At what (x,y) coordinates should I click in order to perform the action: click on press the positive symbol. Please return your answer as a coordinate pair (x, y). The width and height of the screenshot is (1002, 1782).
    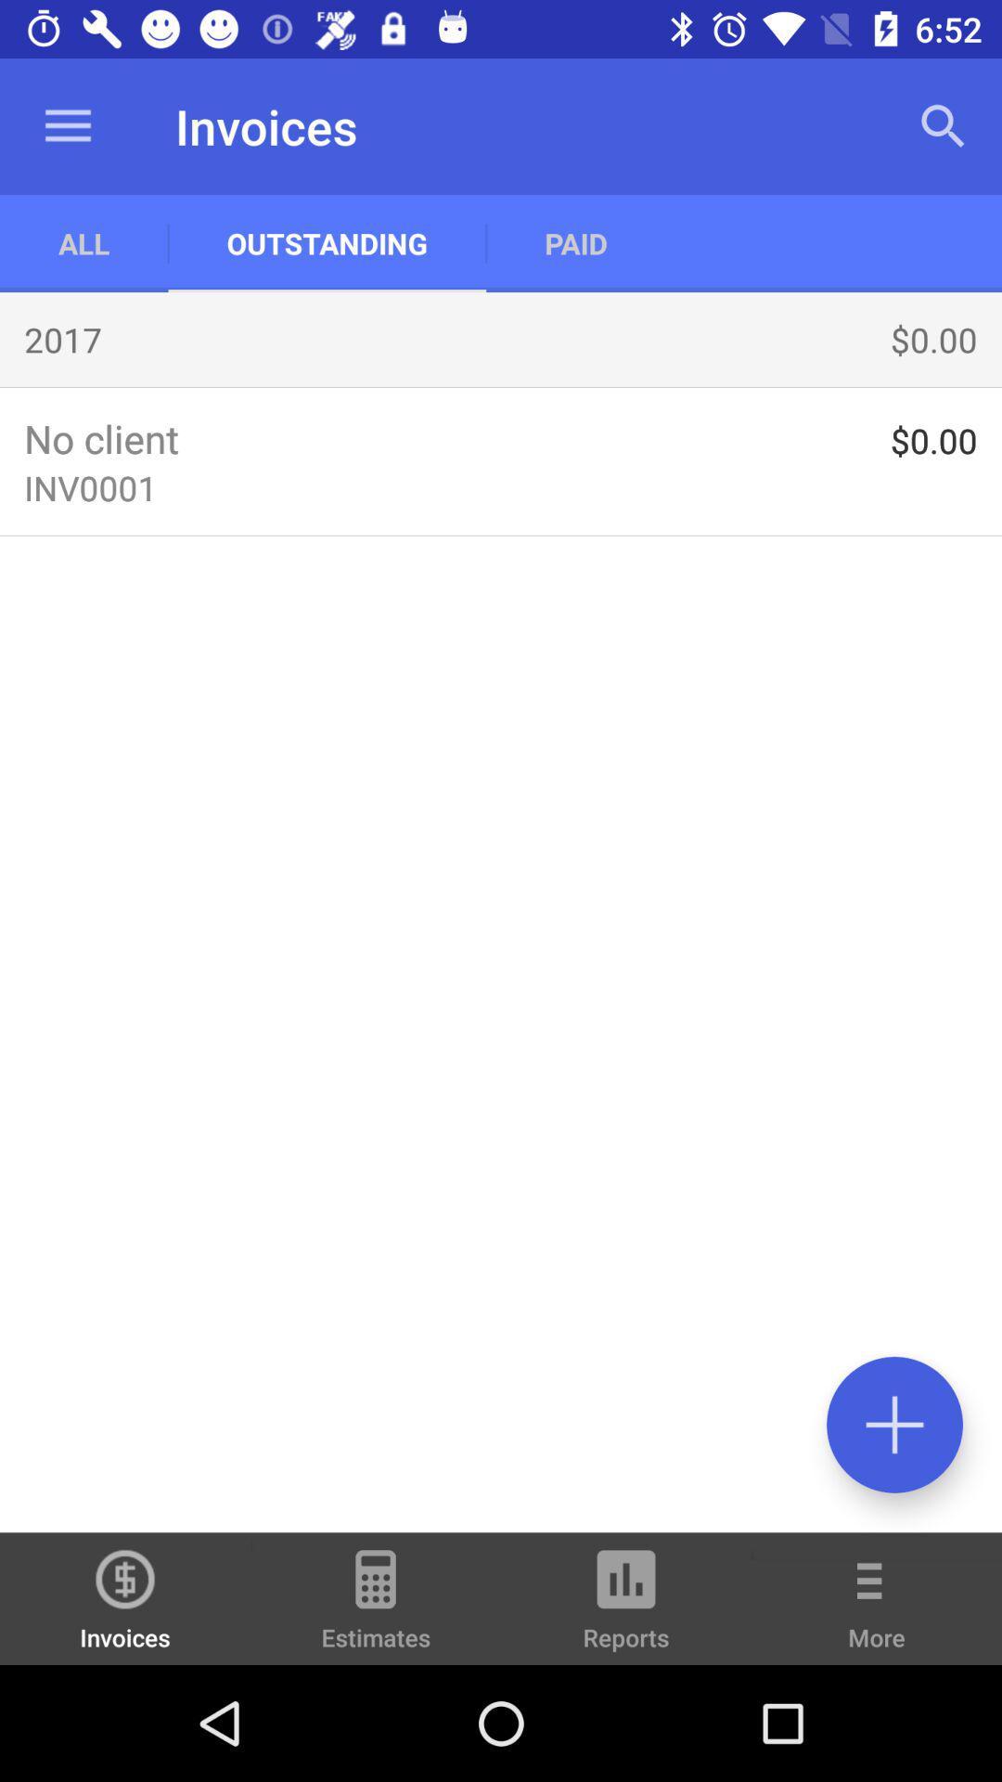
    Looking at the image, I should click on (893, 1424).